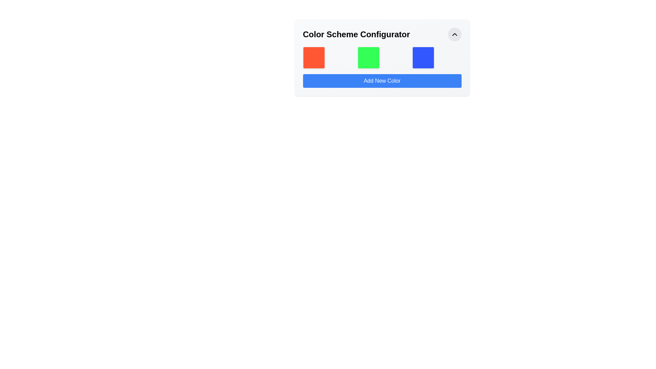 The height and width of the screenshot is (369, 656). Describe the element at coordinates (368, 57) in the screenshot. I see `the static green square decorative box that visually represents a color option in the Color Scheme Configurator interface` at that location.